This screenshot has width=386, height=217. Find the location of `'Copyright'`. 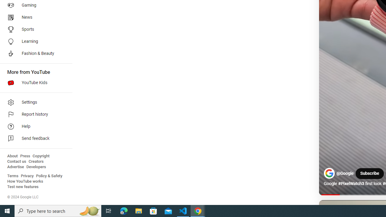

'Copyright' is located at coordinates (41, 156).